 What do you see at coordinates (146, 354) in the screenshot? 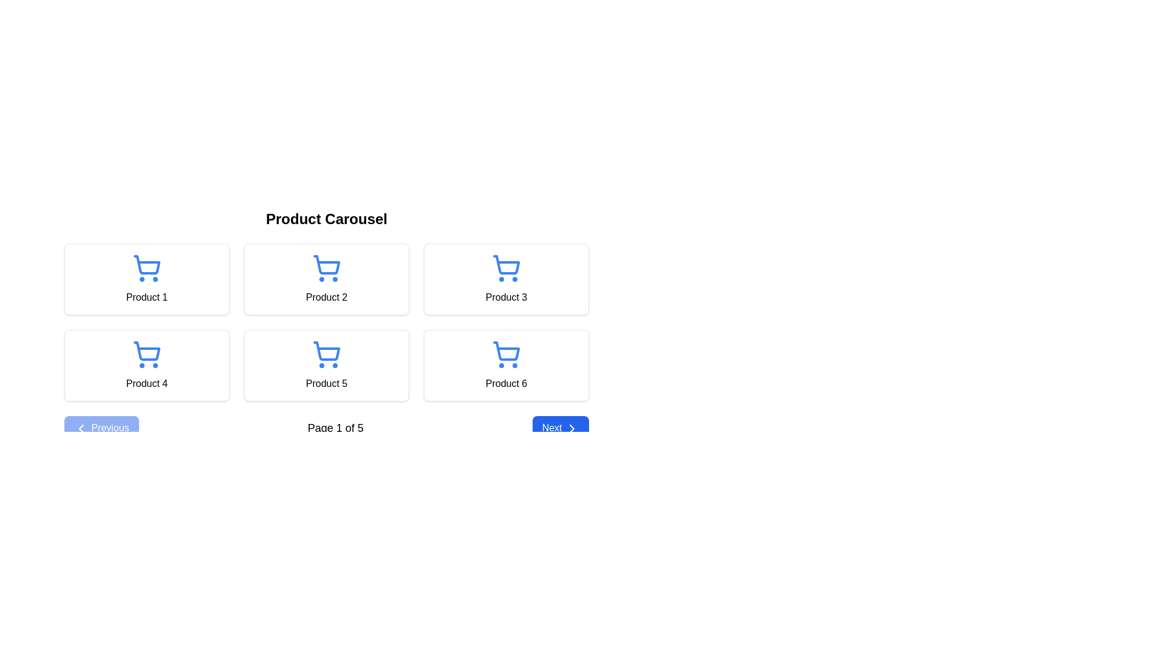
I see `the shopping cart icon associated with 'Product 4', which is styled in vivid blue and located in the second row of the product list` at bounding box center [146, 354].